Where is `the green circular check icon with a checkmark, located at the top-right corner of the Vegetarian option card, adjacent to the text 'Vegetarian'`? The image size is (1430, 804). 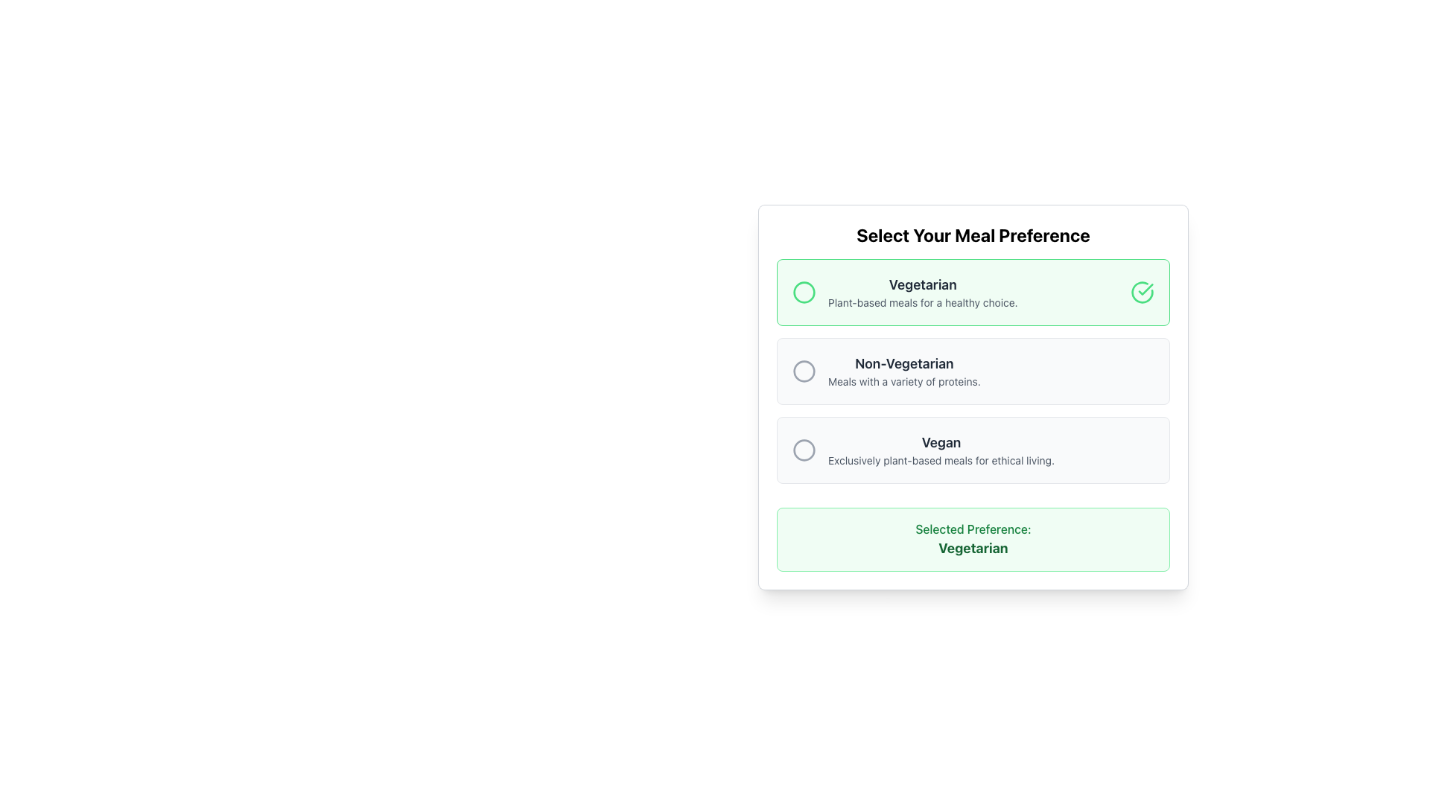
the green circular check icon with a checkmark, located at the top-right corner of the Vegetarian option card, adjacent to the text 'Vegetarian' is located at coordinates (1142, 293).